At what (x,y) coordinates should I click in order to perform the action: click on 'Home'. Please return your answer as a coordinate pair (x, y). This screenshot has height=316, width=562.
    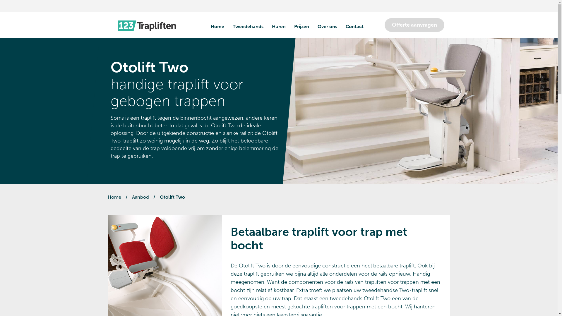
    Looking at the image, I should click on (114, 197).